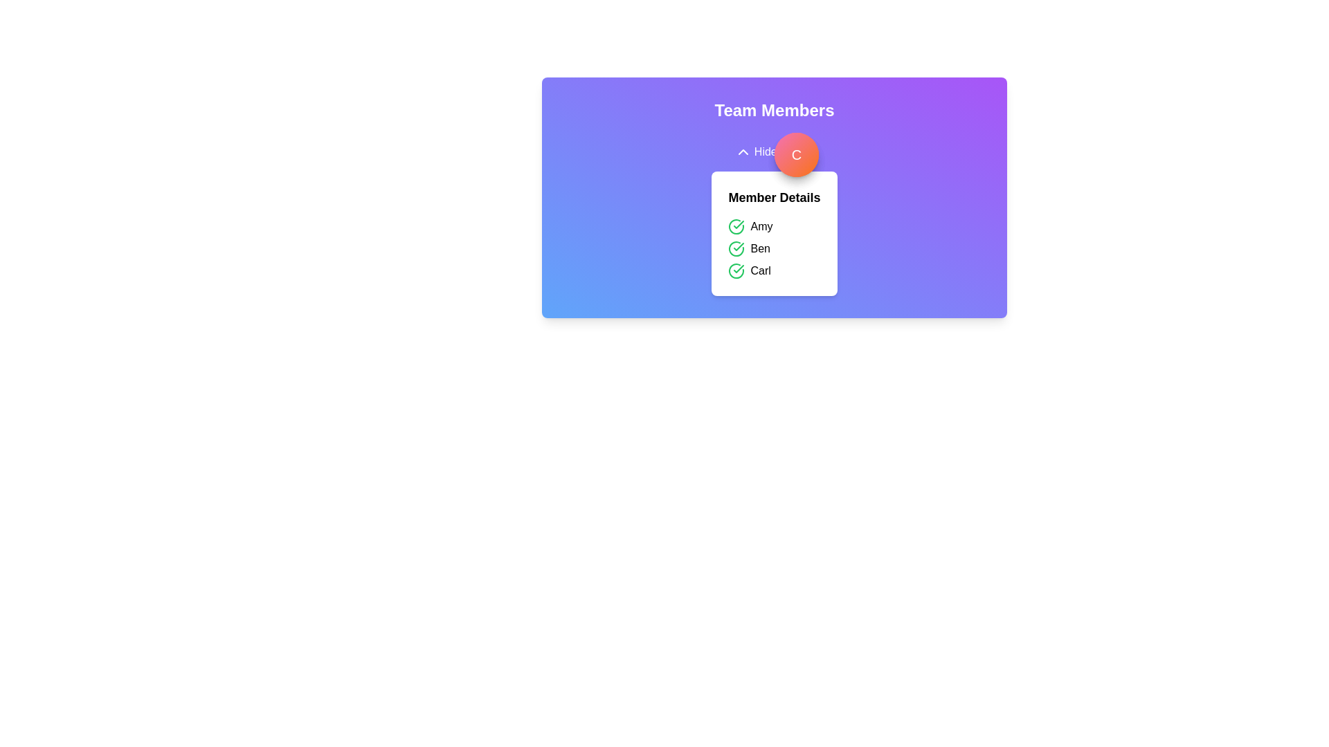  What do you see at coordinates (736, 248) in the screenshot?
I see `the approval icon associated with the label 'Ben'` at bounding box center [736, 248].